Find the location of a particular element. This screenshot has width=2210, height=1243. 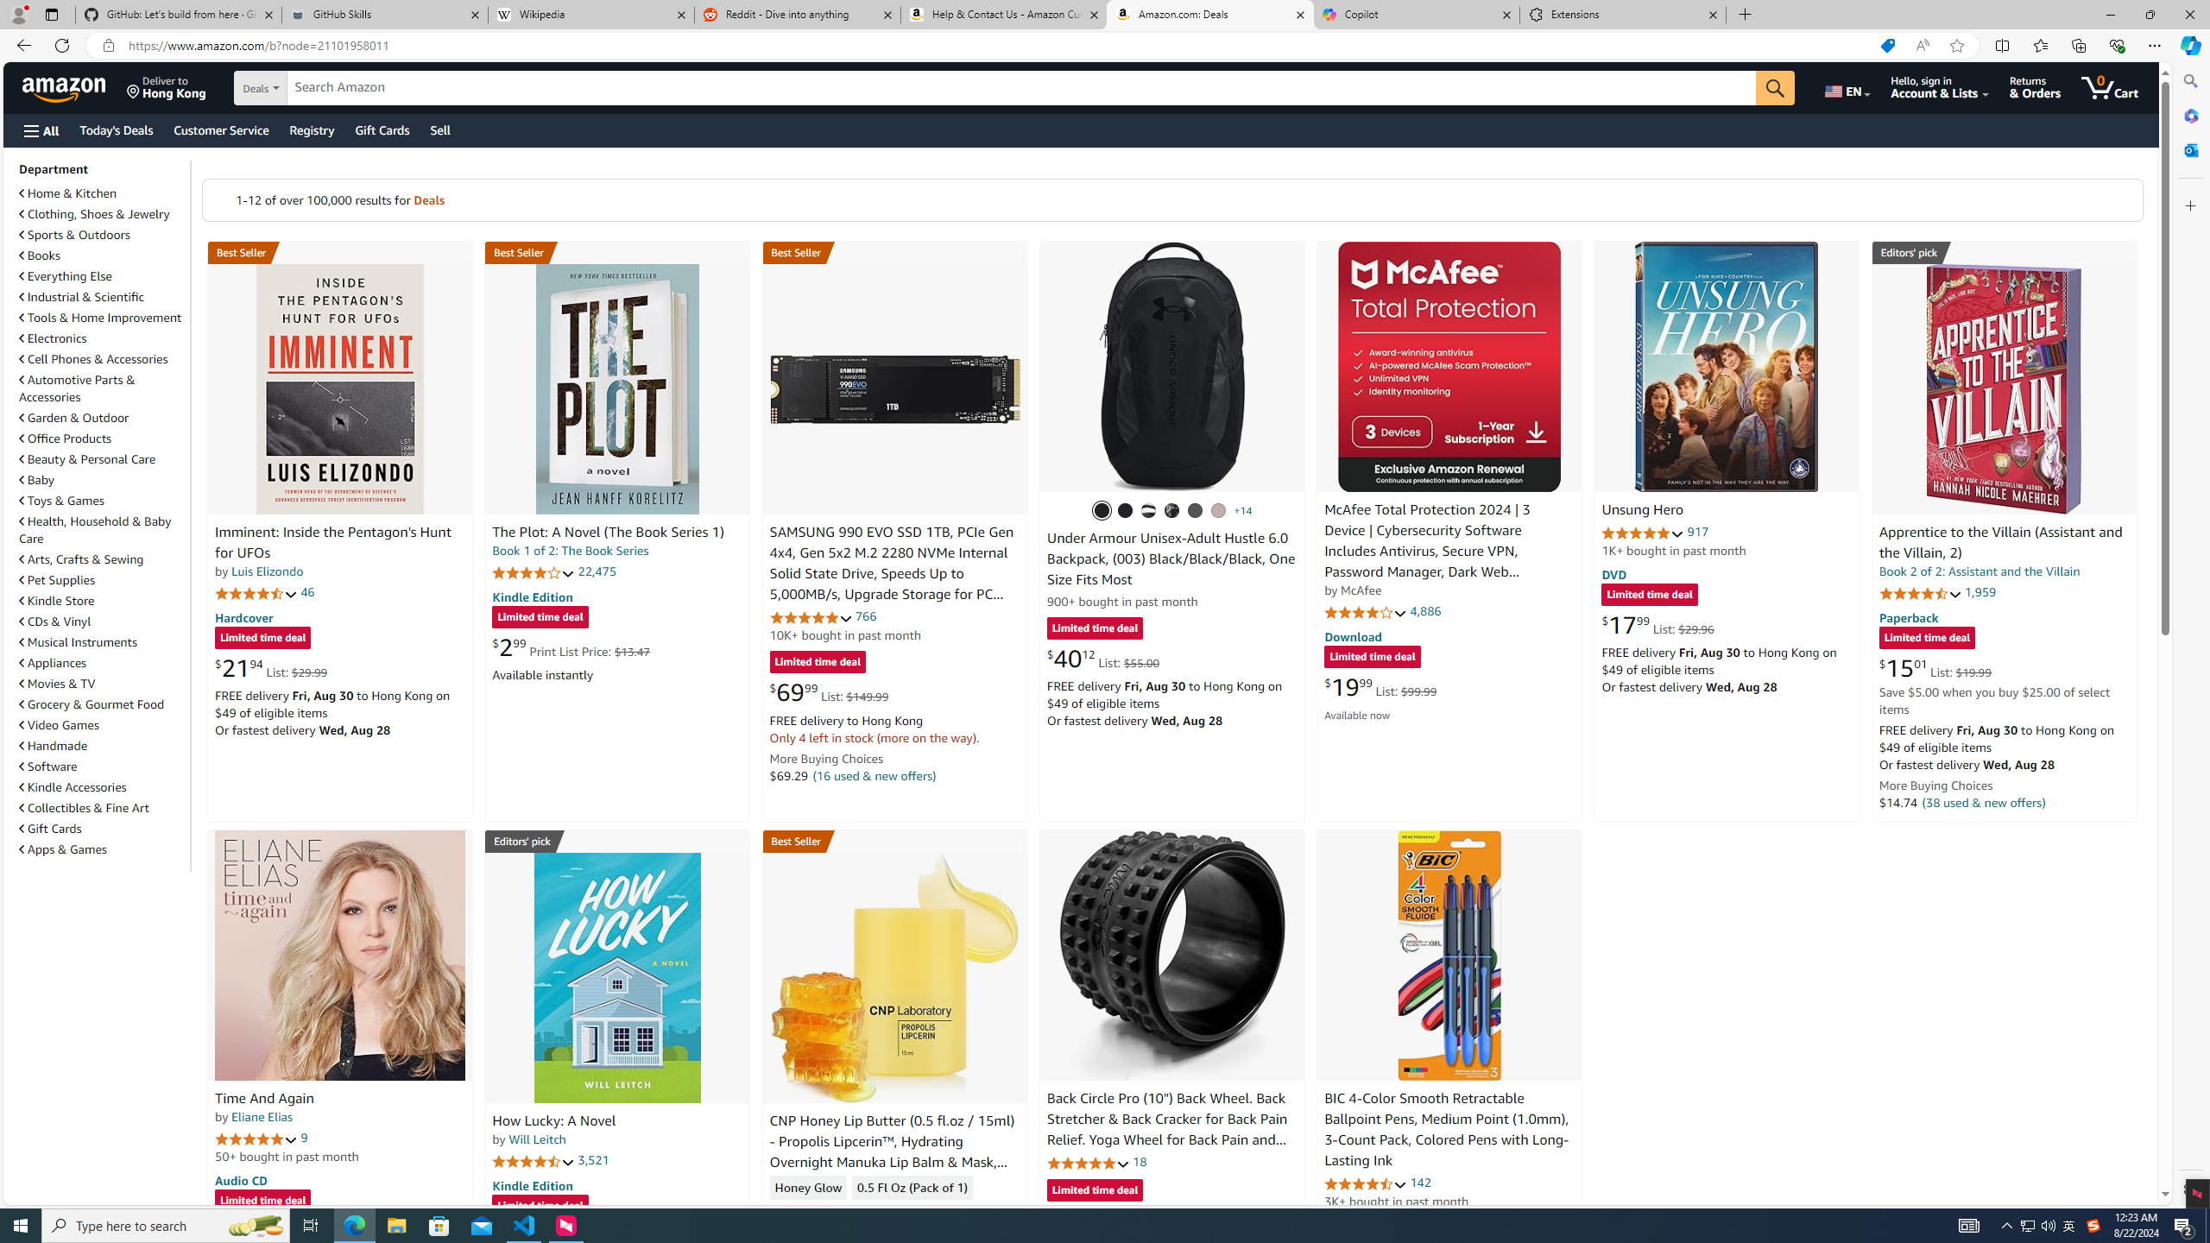

'$69.99 List: $149.99' is located at coordinates (828, 691).